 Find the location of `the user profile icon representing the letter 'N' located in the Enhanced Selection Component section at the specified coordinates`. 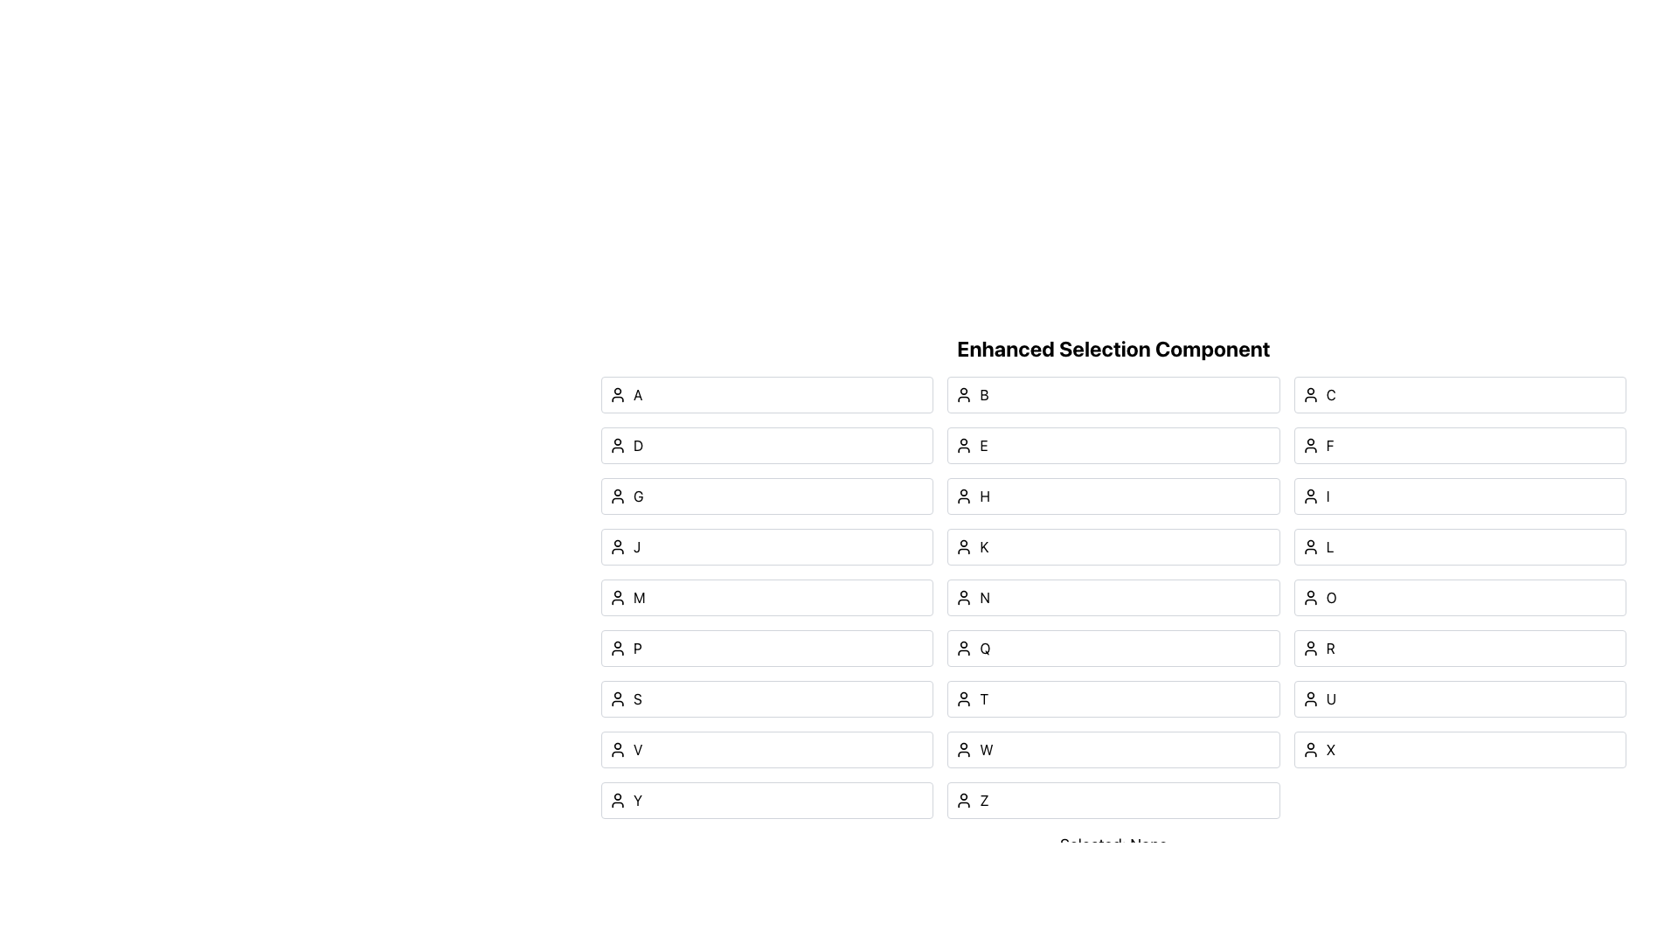

the user profile icon representing the letter 'N' located in the Enhanced Selection Component section at the specified coordinates is located at coordinates (963, 596).